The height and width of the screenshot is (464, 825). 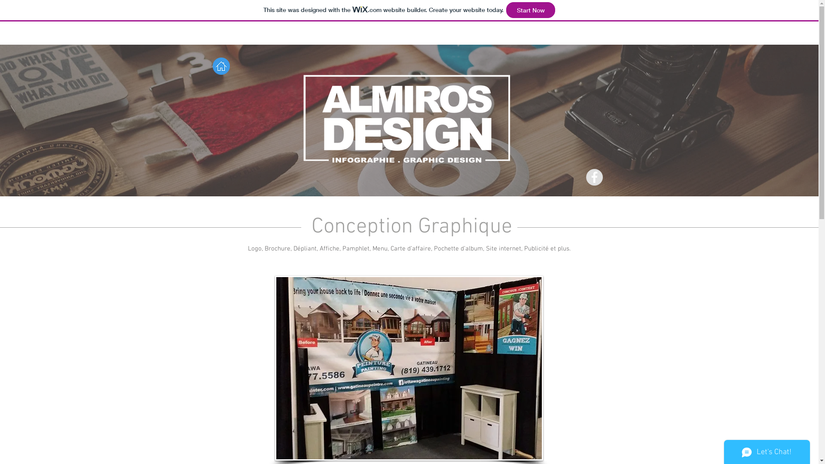 What do you see at coordinates (408, 226) in the screenshot?
I see `'  Conception Graphique '` at bounding box center [408, 226].